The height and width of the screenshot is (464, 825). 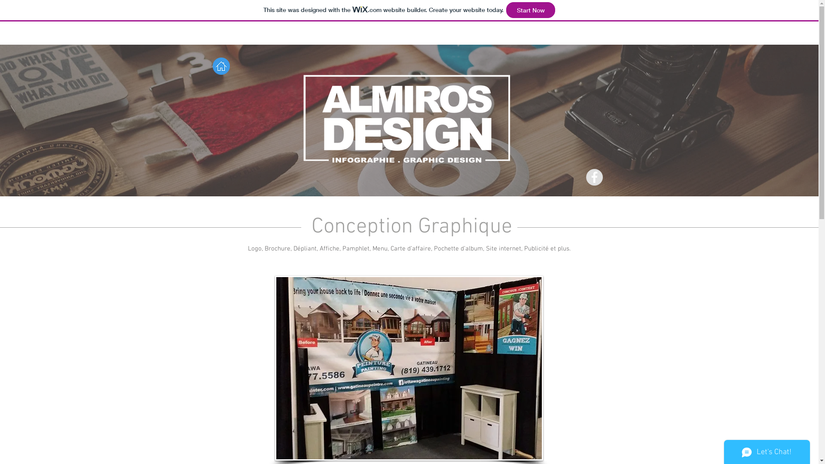 What do you see at coordinates (408, 226) in the screenshot?
I see `'  Conception Graphique '` at bounding box center [408, 226].